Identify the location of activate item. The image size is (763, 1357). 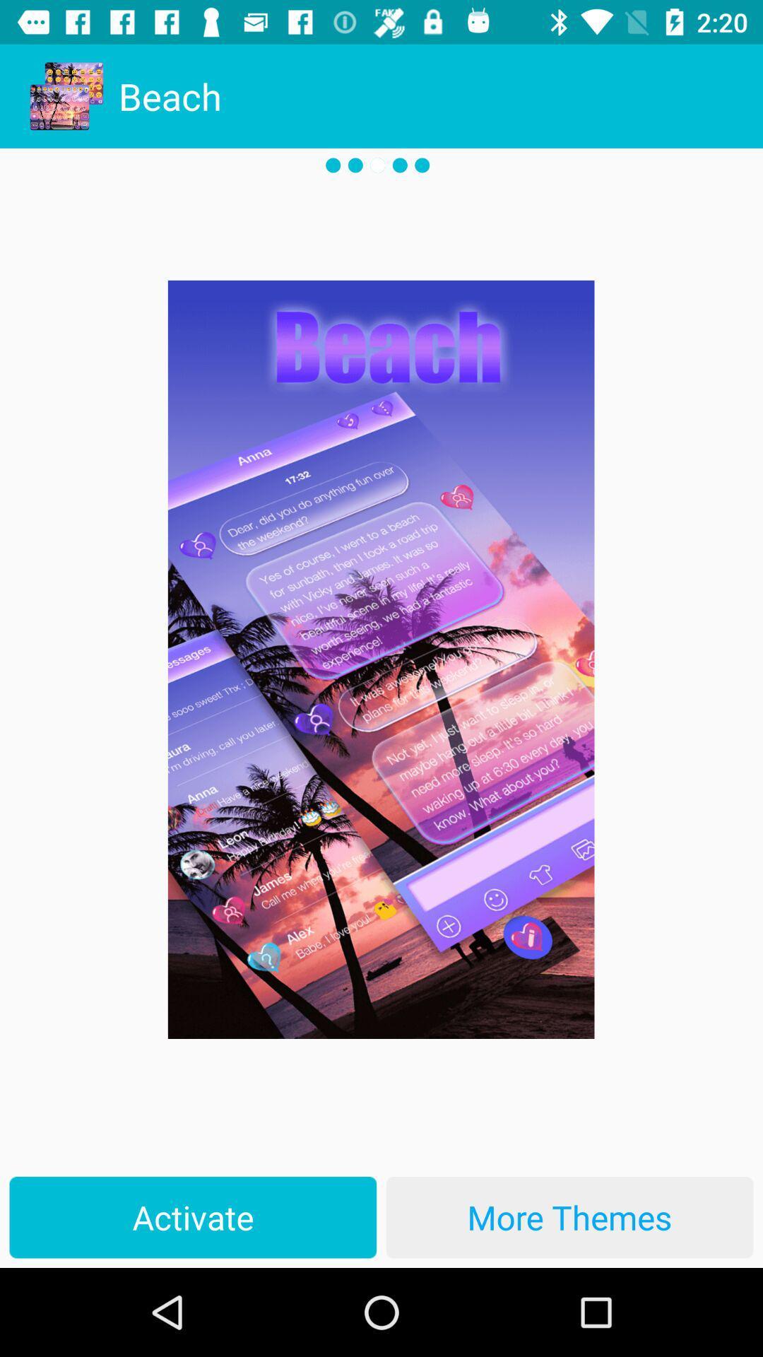
(193, 1216).